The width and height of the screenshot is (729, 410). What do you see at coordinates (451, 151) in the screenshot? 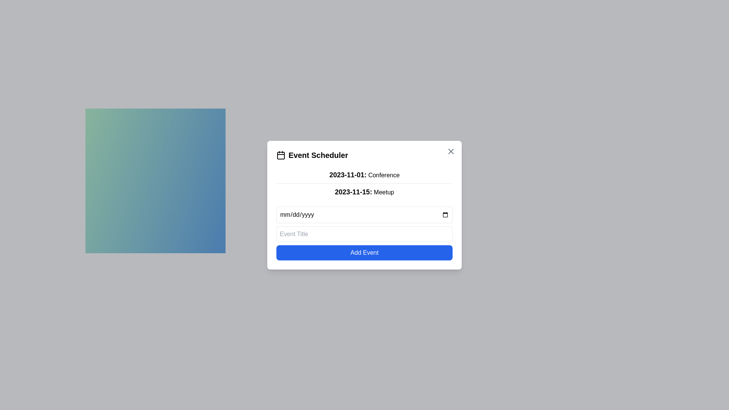
I see `the gray 'X' button in the top-right corner of the 'Event Scheduler' dialog` at bounding box center [451, 151].